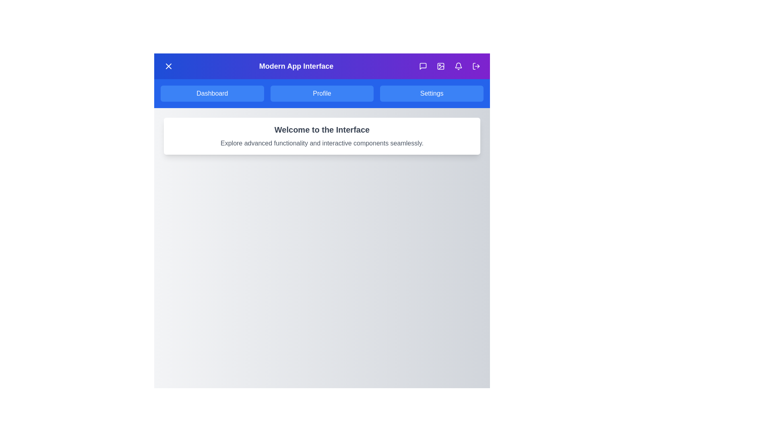 The height and width of the screenshot is (434, 773). Describe the element at coordinates (322, 93) in the screenshot. I see `the Profile button in the top navigation bar` at that location.